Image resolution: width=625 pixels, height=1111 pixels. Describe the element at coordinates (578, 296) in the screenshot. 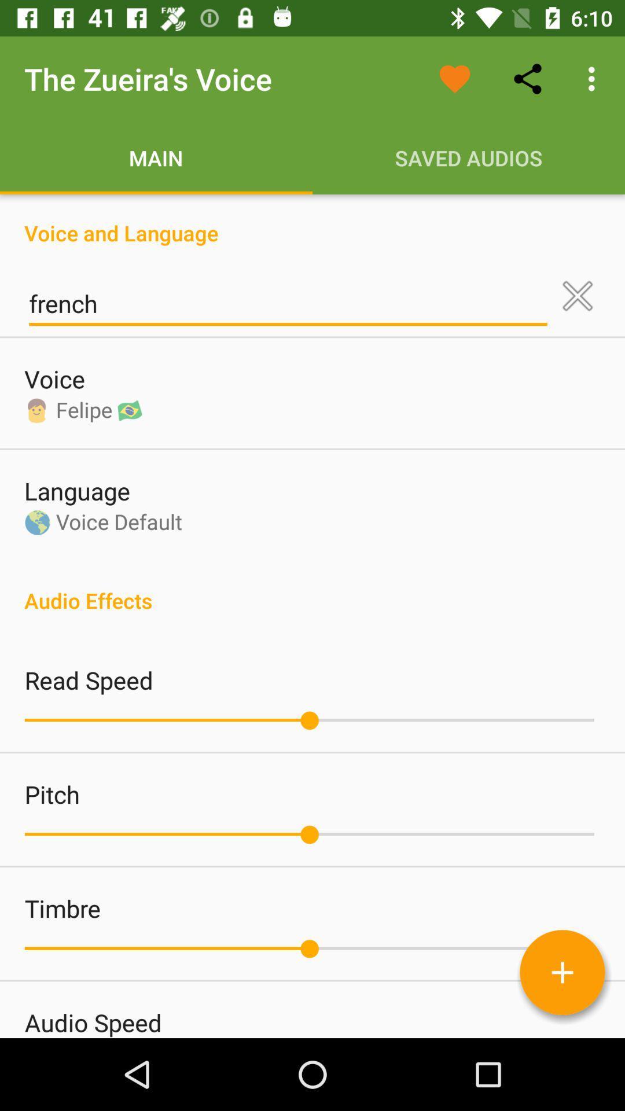

I see `clear selection` at that location.